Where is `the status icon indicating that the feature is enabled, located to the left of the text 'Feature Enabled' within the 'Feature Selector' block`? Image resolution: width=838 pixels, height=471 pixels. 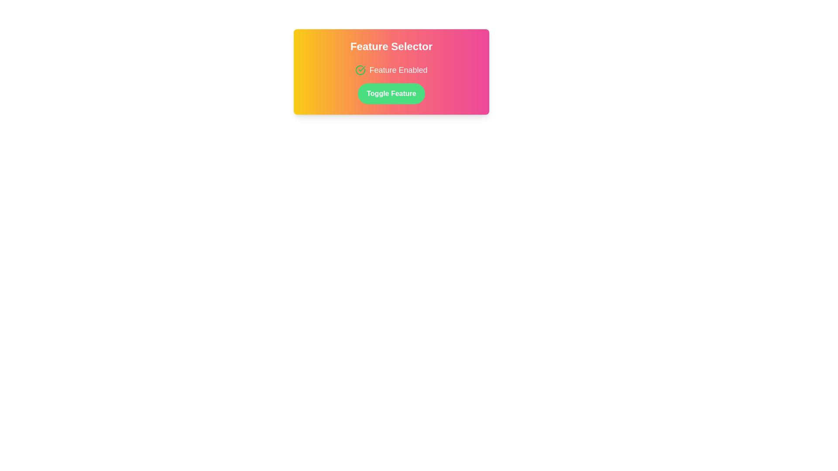 the status icon indicating that the feature is enabled, located to the left of the text 'Feature Enabled' within the 'Feature Selector' block is located at coordinates (361, 70).